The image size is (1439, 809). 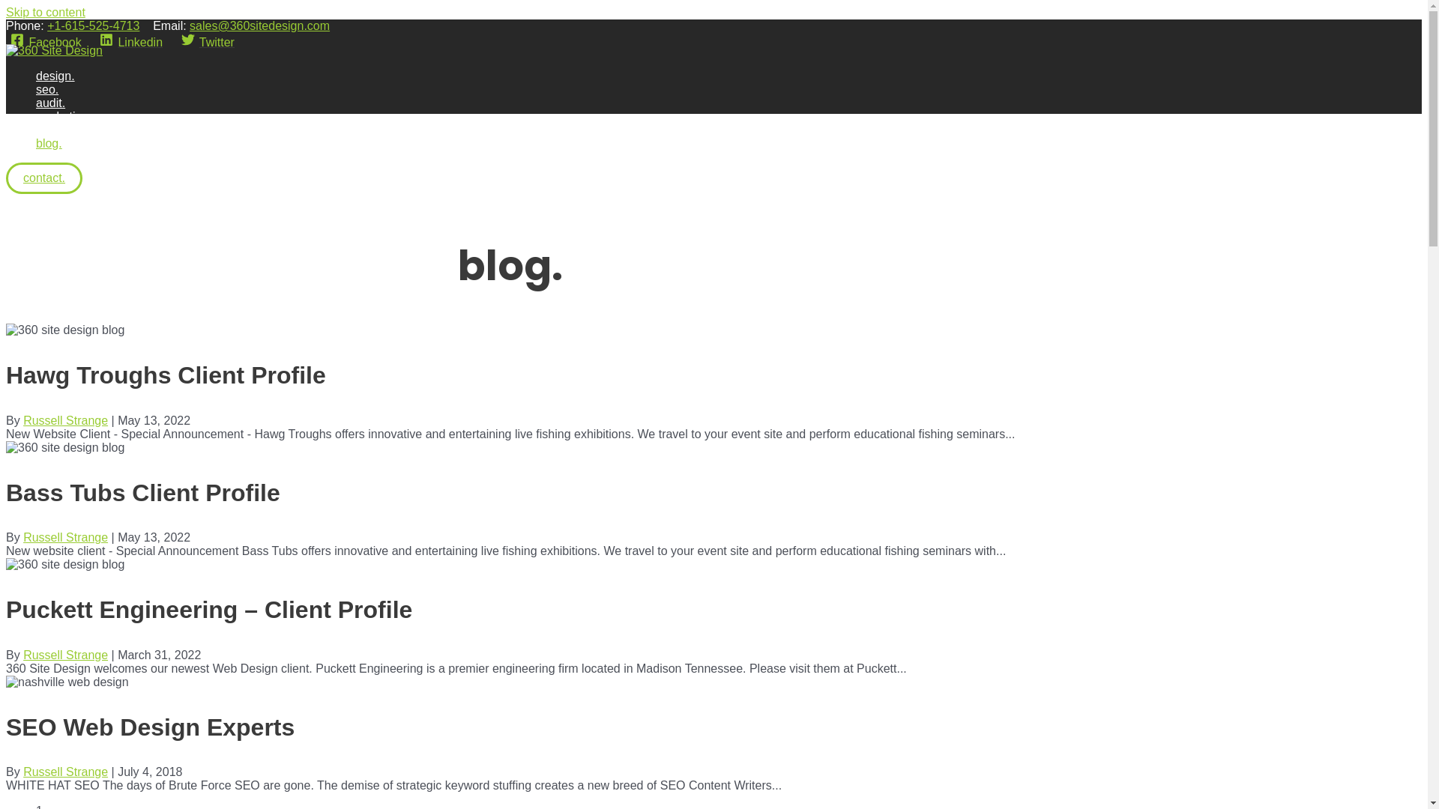 I want to click on 'sales@360sitedesign.com', so click(x=259, y=25).